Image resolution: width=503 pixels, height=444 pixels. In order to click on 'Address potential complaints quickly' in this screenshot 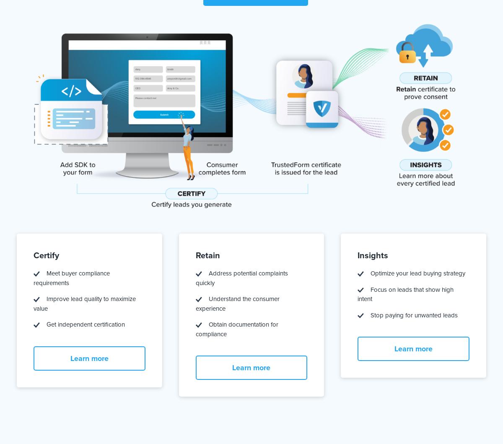, I will do `click(241, 278)`.